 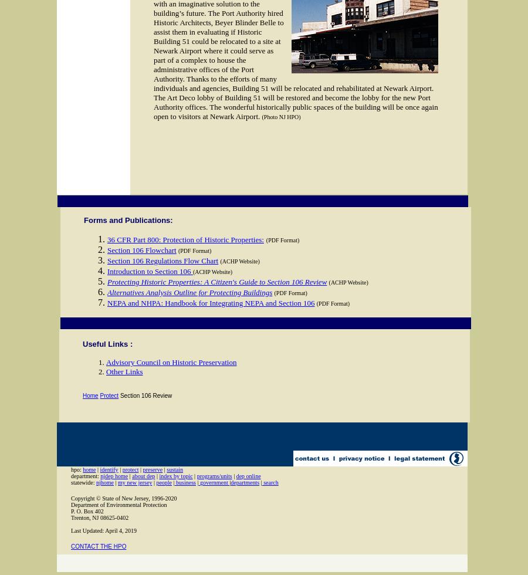 I want to click on 'protect', so click(x=121, y=469).